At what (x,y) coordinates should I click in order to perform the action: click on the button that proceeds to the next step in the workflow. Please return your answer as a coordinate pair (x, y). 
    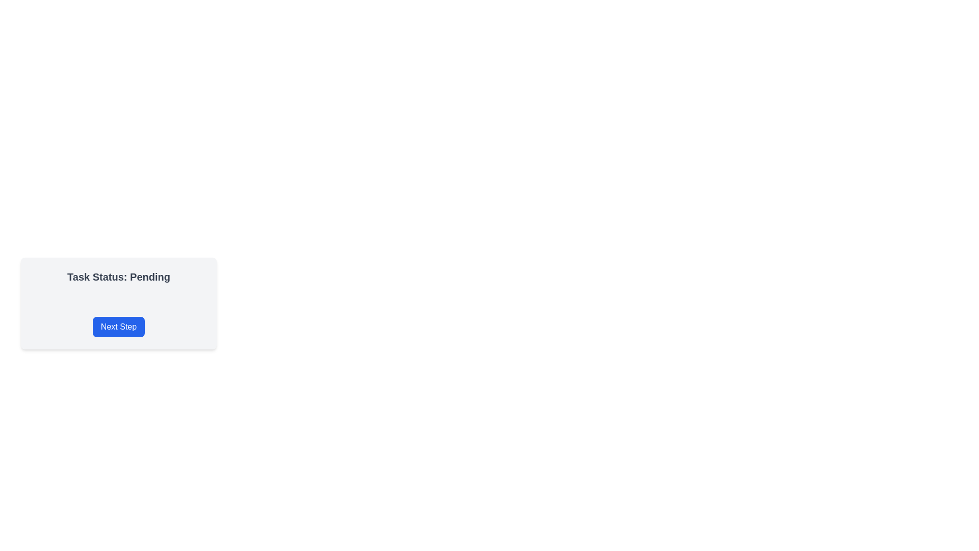
    Looking at the image, I should click on (118, 327).